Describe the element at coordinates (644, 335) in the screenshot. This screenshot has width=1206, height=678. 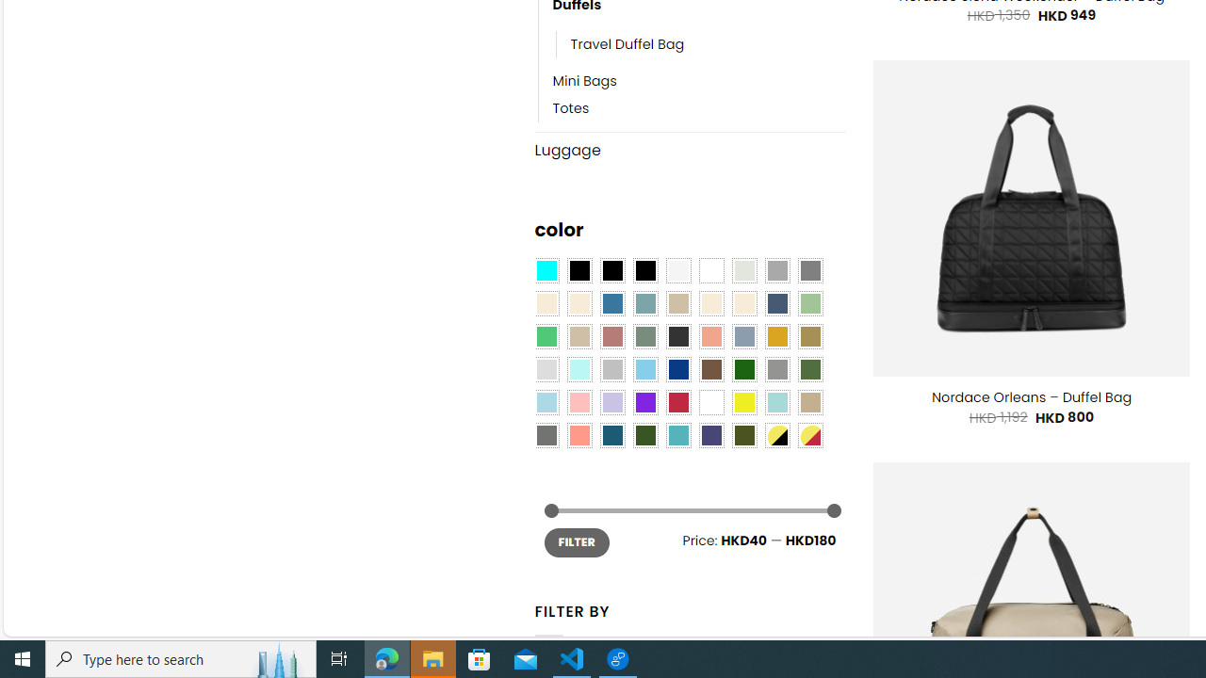
I see `'Sage'` at that location.